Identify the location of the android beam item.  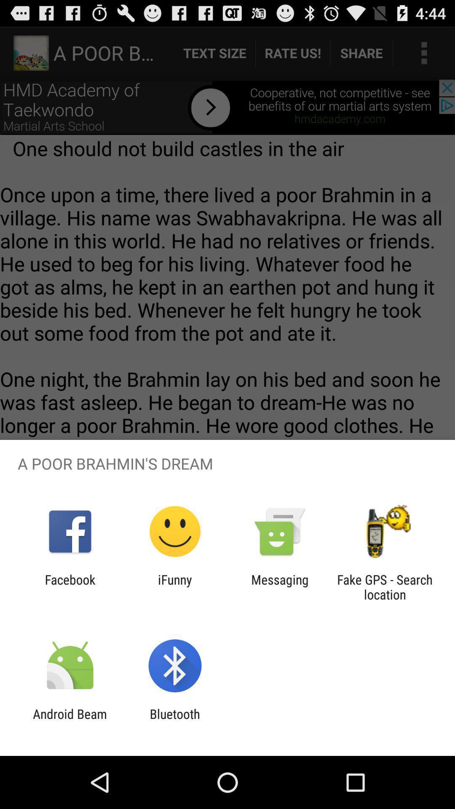
(70, 721).